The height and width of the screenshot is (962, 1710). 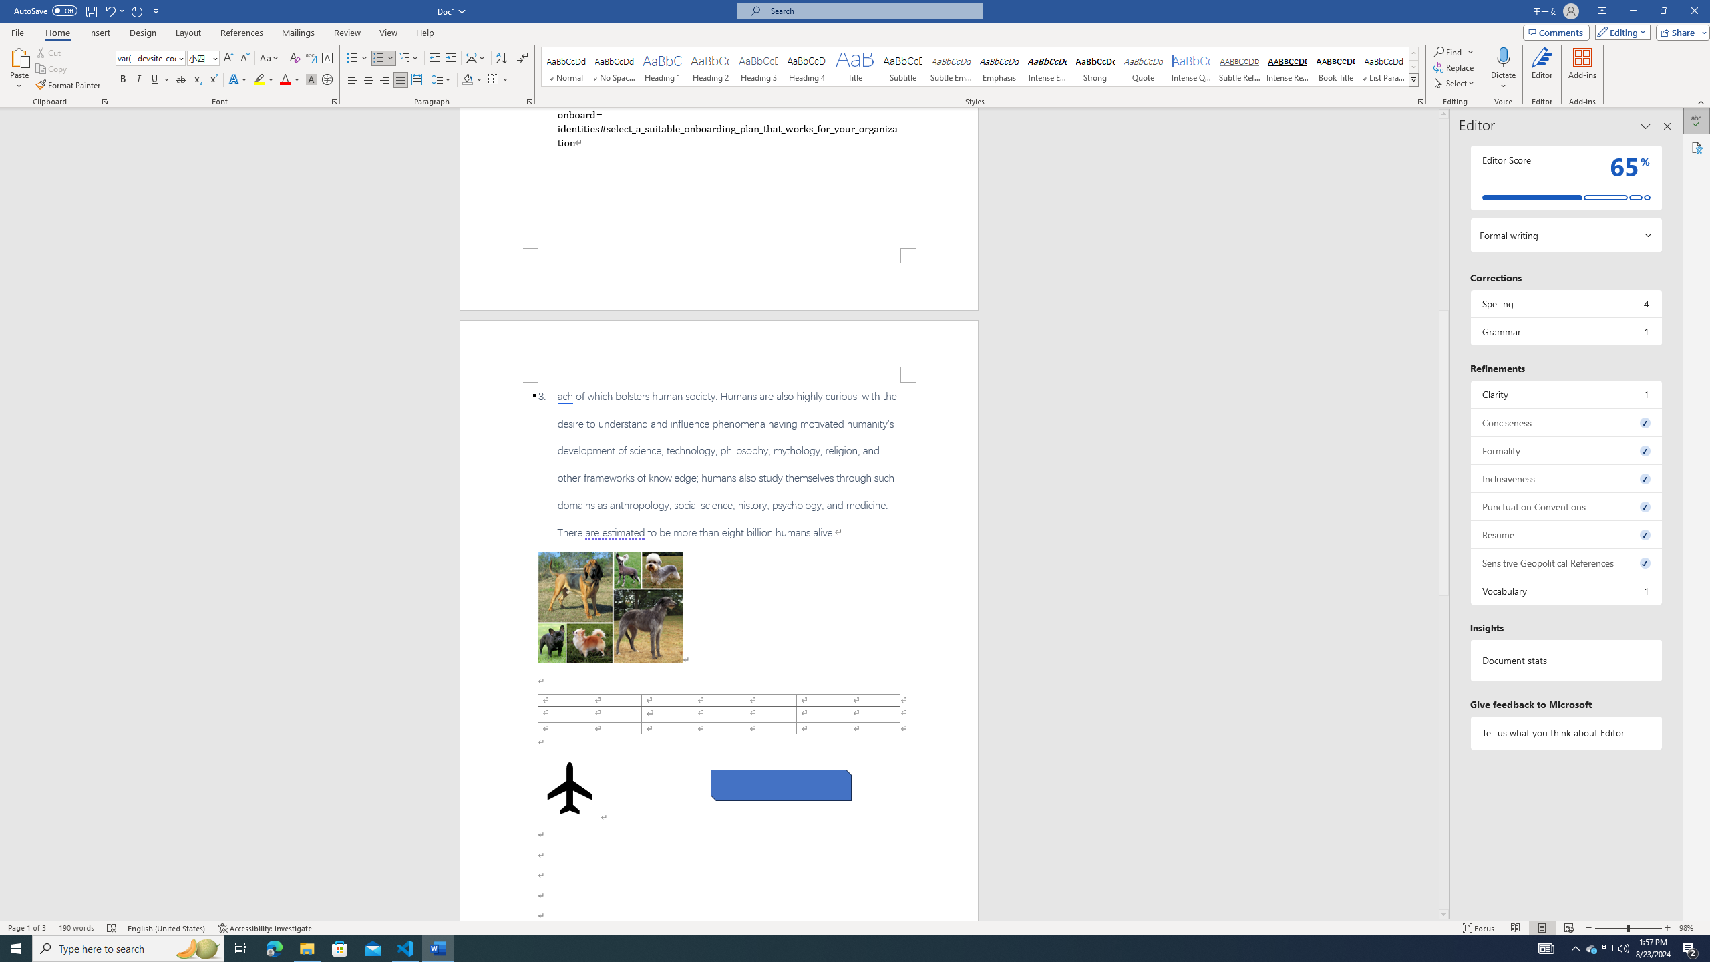 What do you see at coordinates (144, 33) in the screenshot?
I see `'Design'` at bounding box center [144, 33].